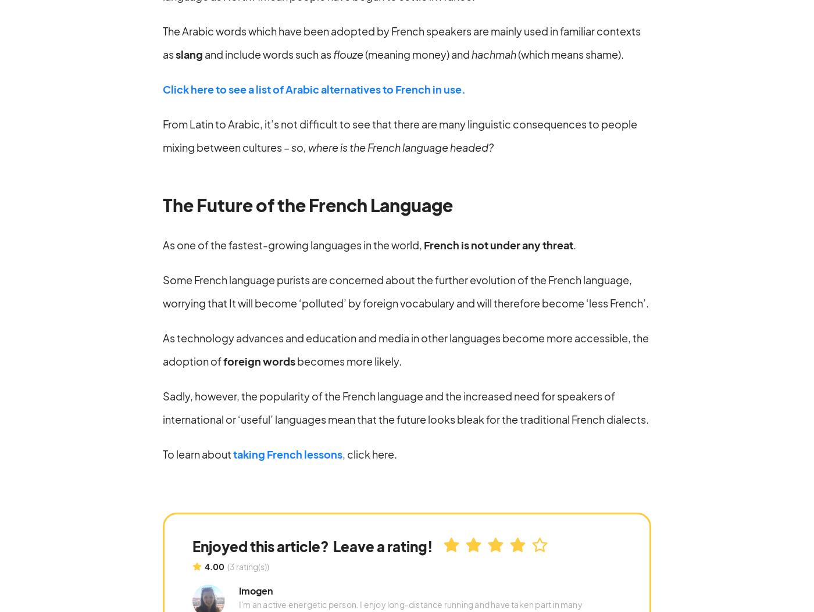 This screenshot has height=612, width=814. I want to click on 'hachmah', so click(472, 53).